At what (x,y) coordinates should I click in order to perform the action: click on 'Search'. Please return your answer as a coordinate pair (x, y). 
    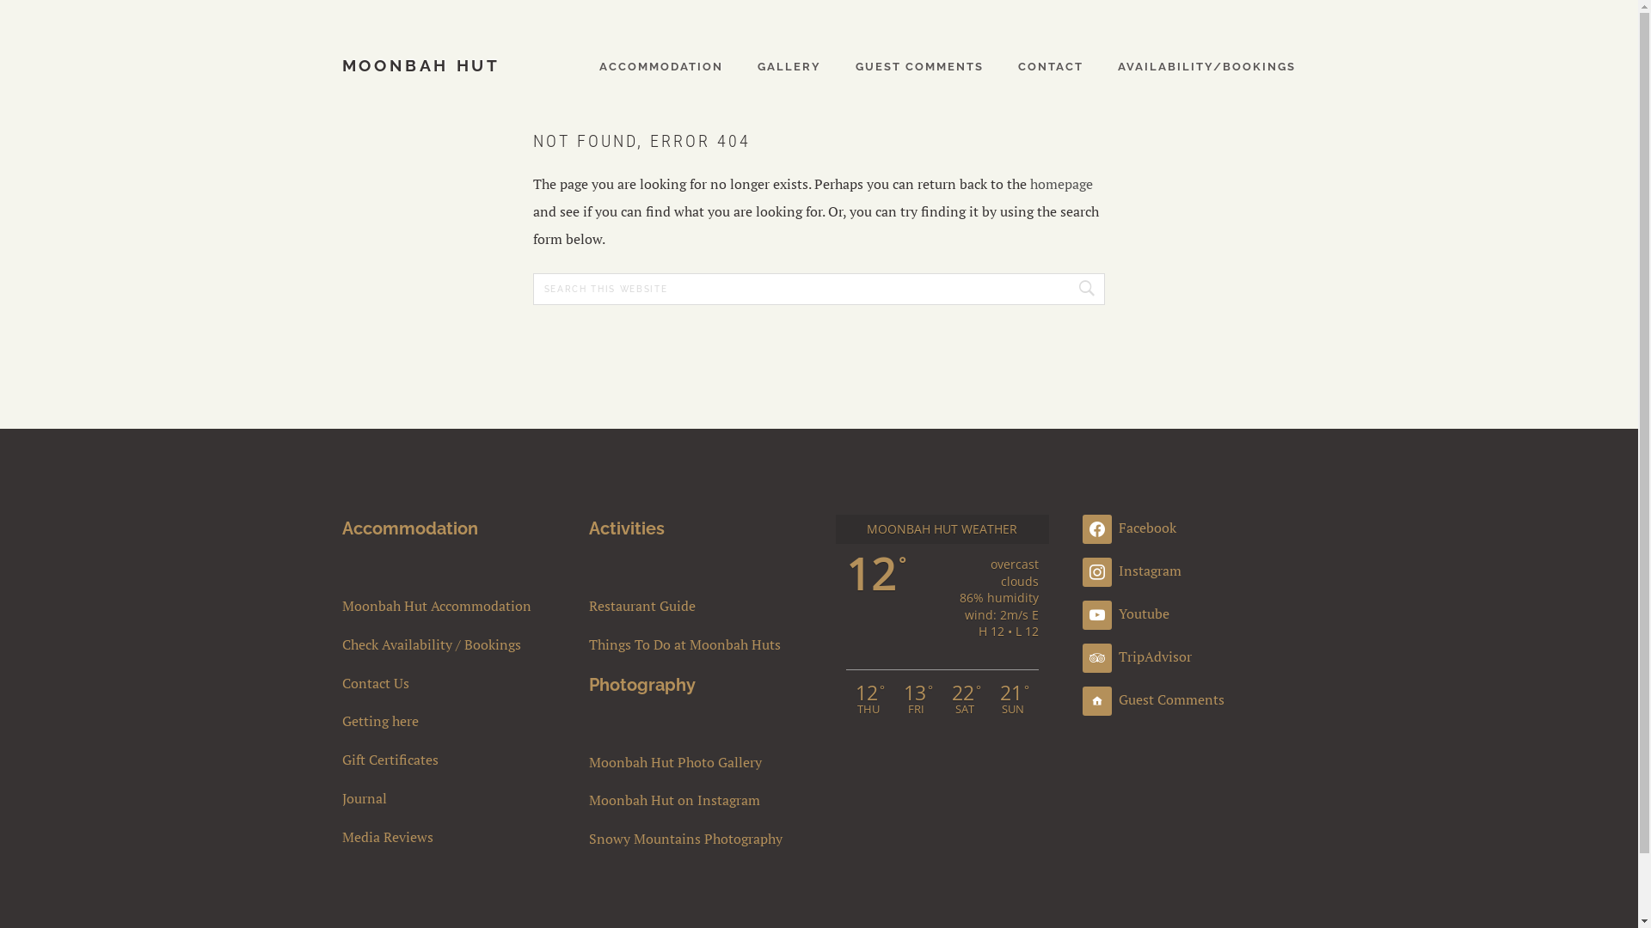
    Looking at the image, I should click on (1082, 288).